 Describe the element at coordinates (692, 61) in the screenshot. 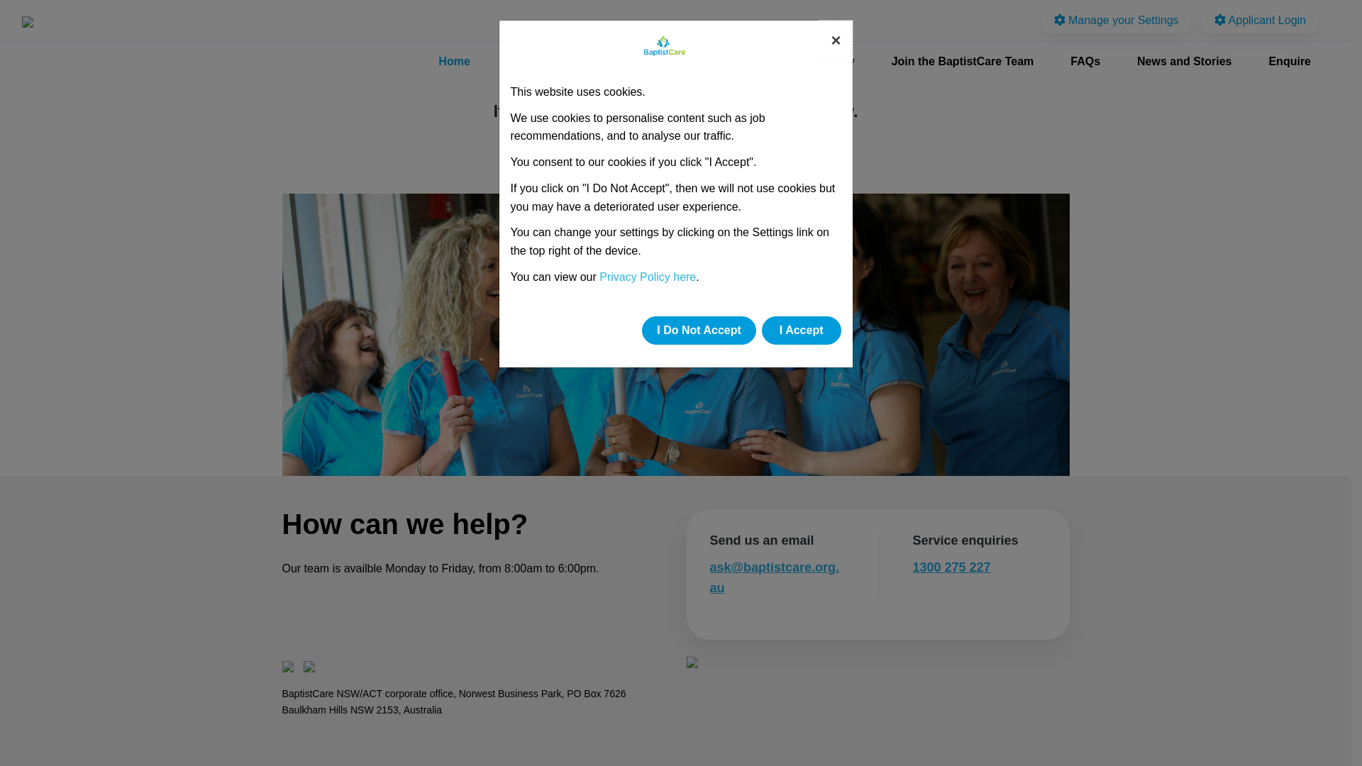

I see `'Employee Benefits'` at that location.